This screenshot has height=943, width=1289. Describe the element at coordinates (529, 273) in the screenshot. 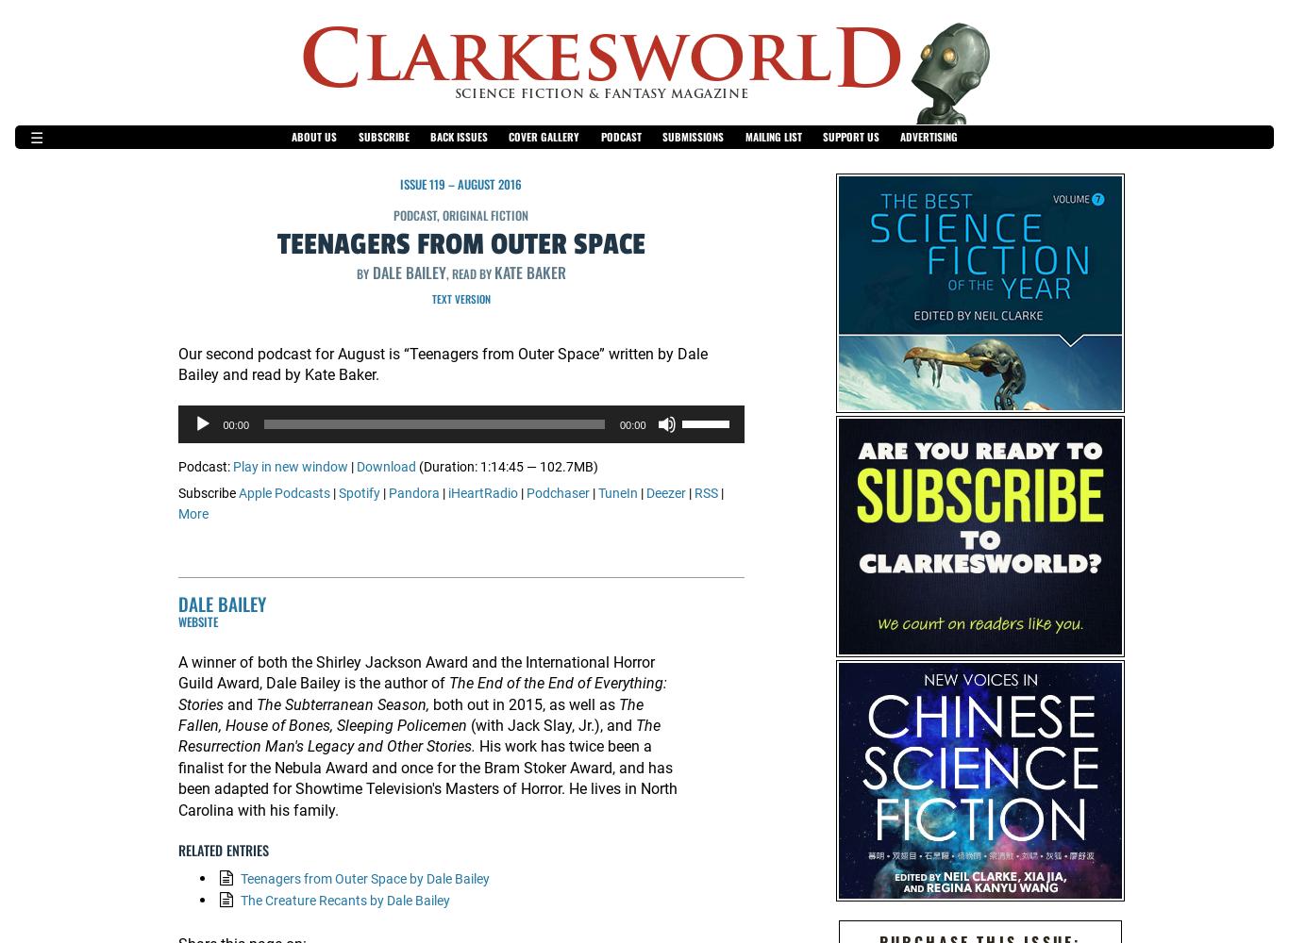

I see `'Kate Baker'` at that location.